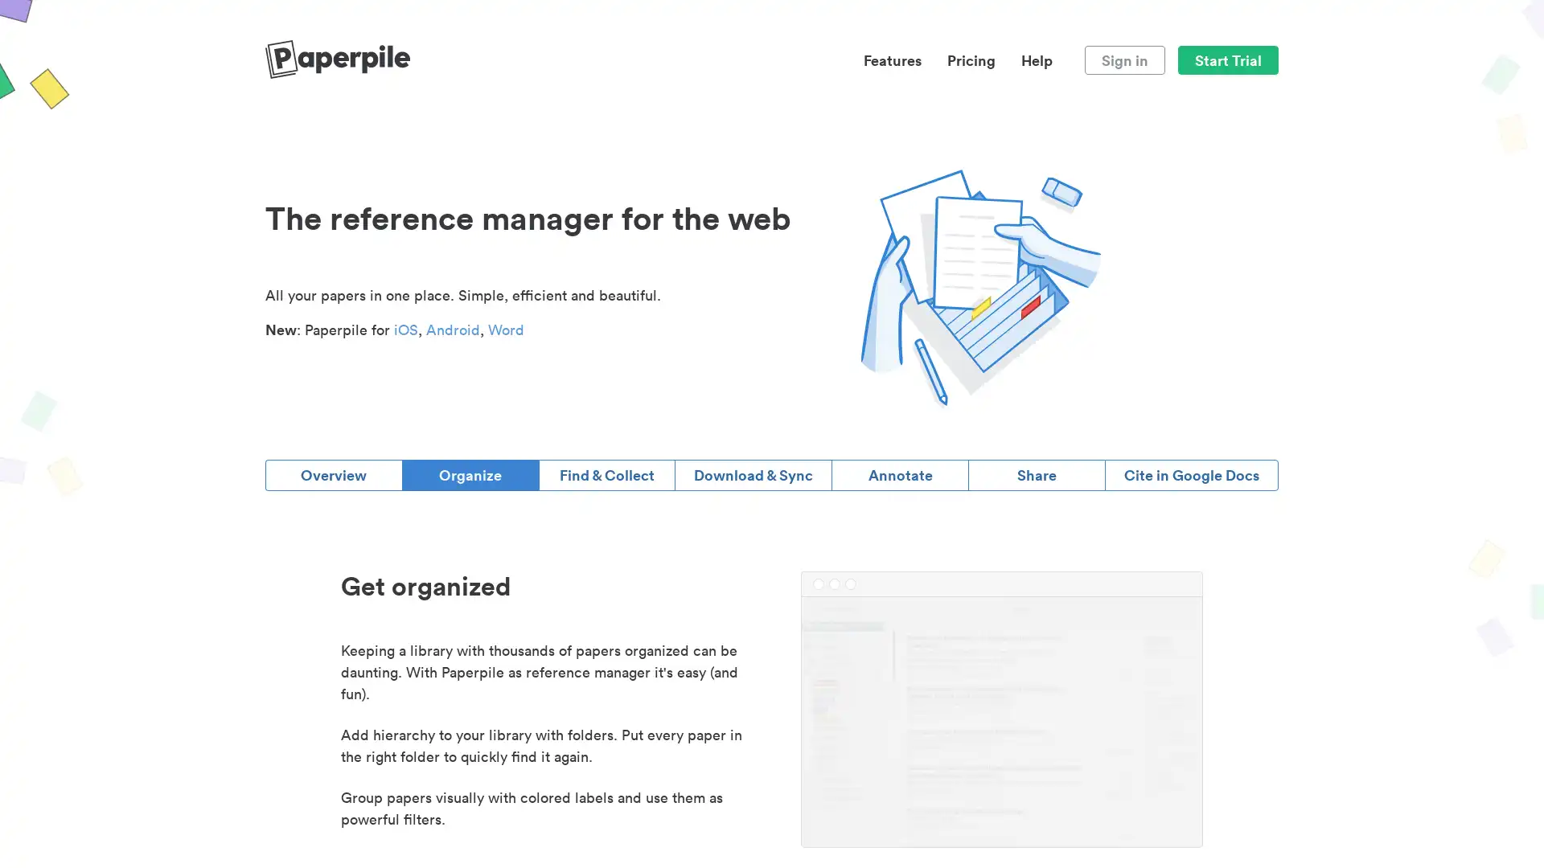 The image size is (1544, 868). I want to click on Sign in, so click(1123, 59).